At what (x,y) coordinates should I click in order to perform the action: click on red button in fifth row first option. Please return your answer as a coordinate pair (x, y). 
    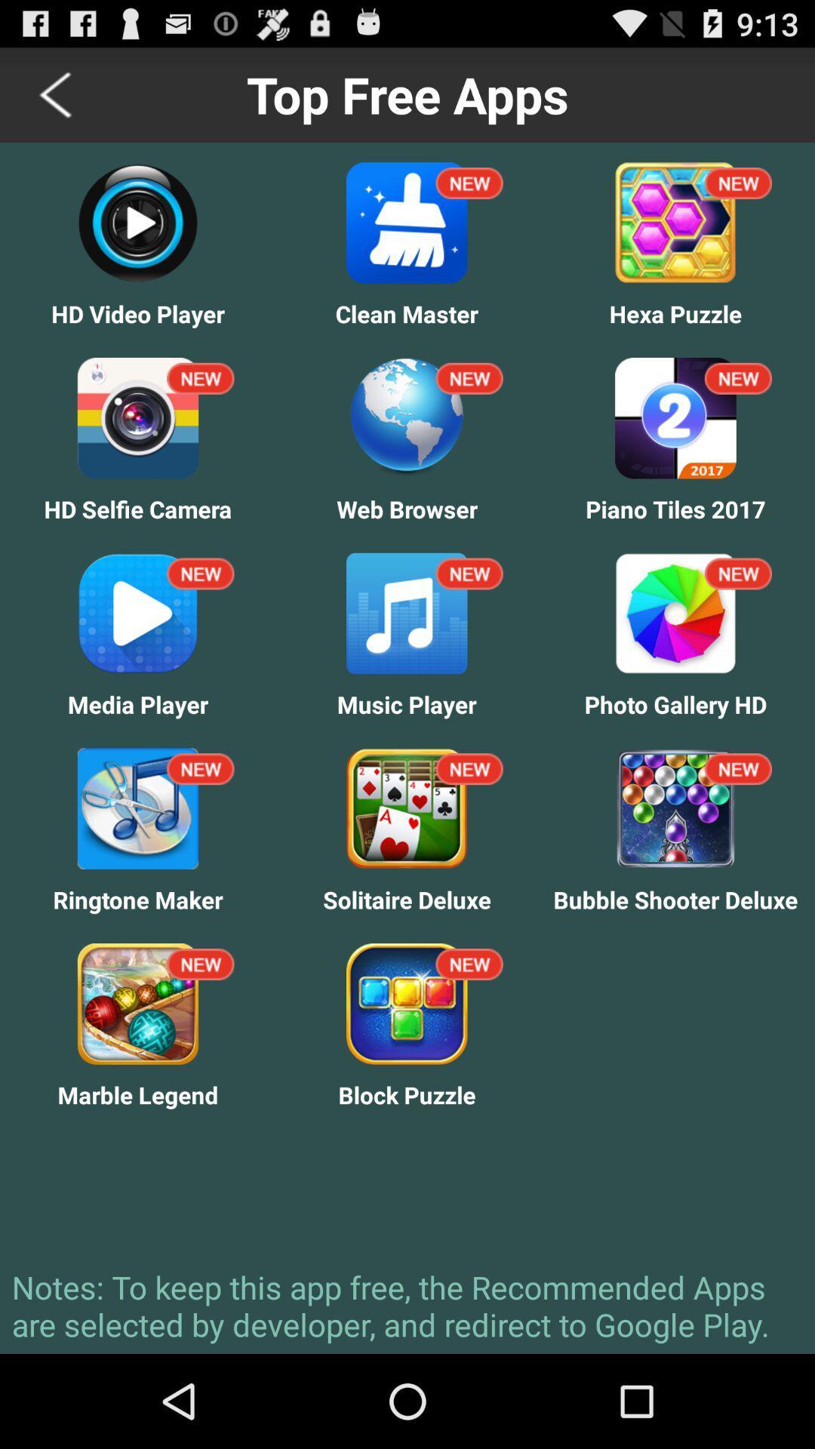
    Looking at the image, I should click on (200, 963).